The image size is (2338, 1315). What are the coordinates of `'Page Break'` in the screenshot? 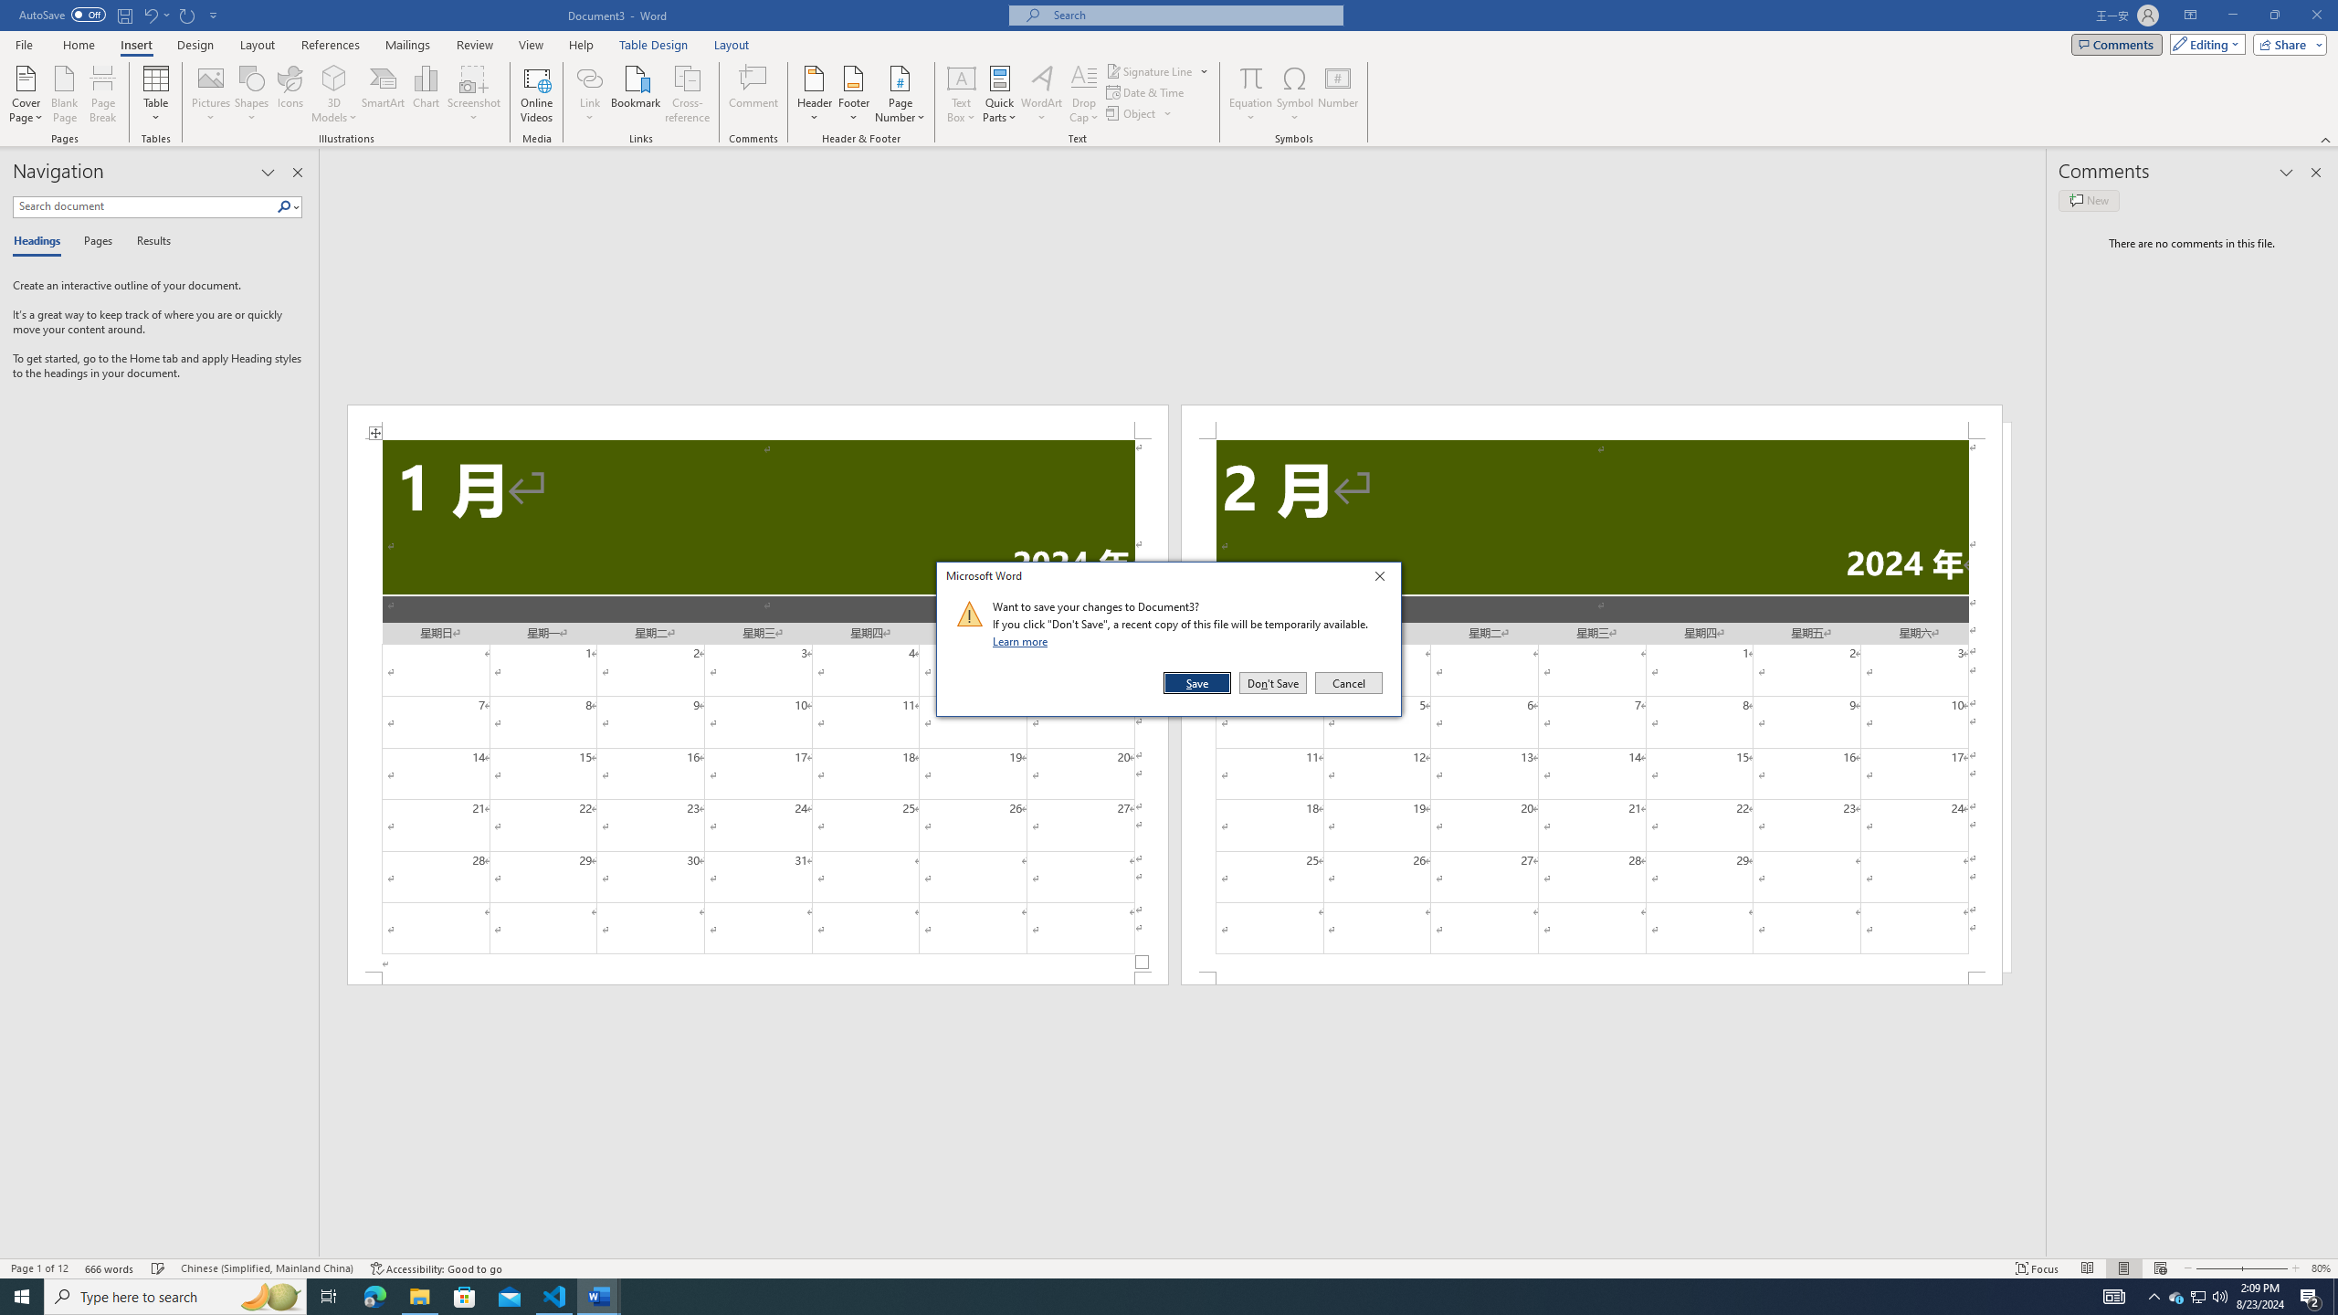 It's located at (101, 94).